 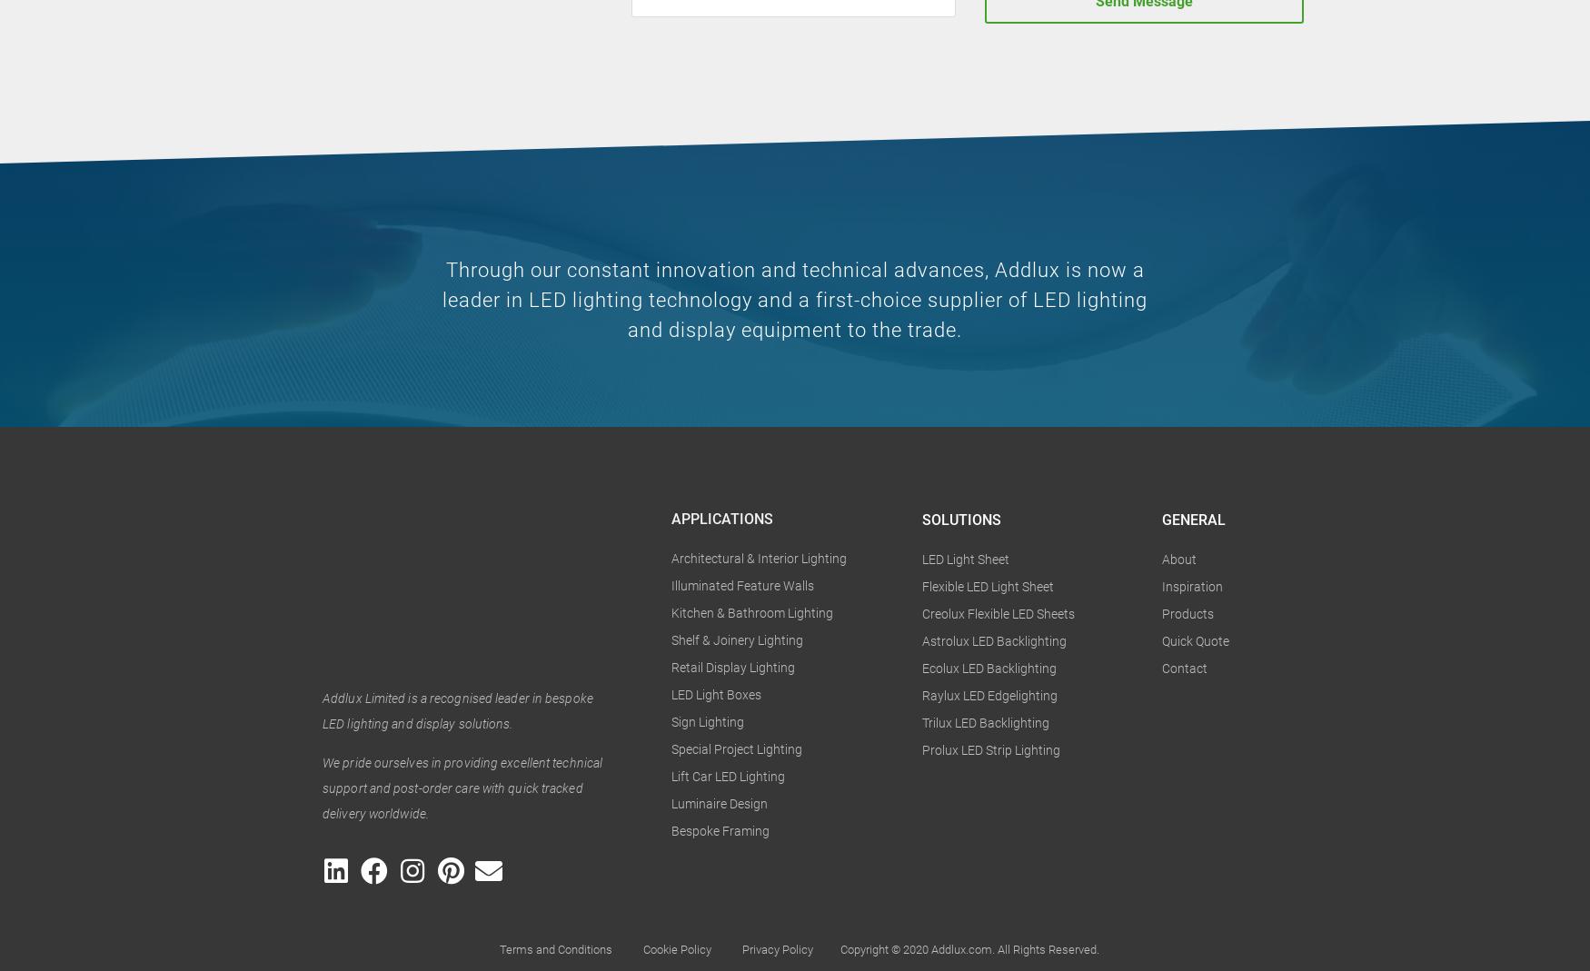 What do you see at coordinates (840, 949) in the screenshot?
I see `'Copyright © 2020 Addlux.com. All Rights Reserved.'` at bounding box center [840, 949].